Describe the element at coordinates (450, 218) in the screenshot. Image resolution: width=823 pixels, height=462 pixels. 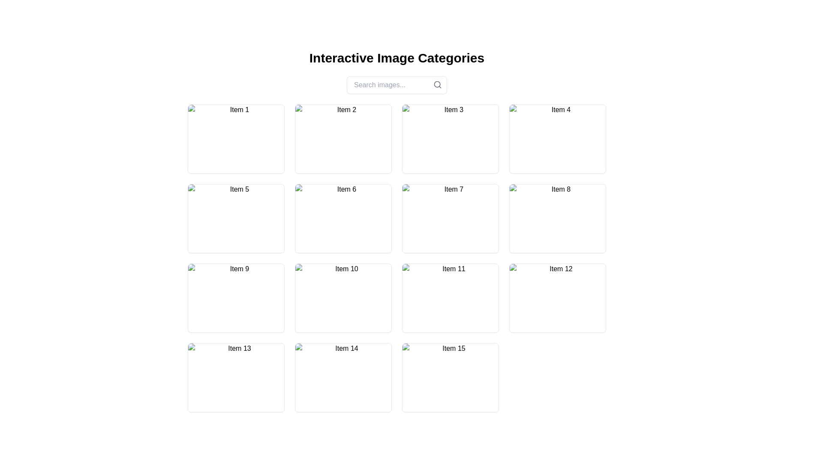
I see `the item card located in the second row, third column of a 4-column grid layout to interact with it` at that location.